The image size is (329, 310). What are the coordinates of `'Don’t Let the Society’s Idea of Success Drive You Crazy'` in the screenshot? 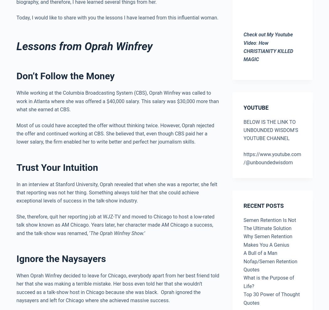 It's located at (161, 207).